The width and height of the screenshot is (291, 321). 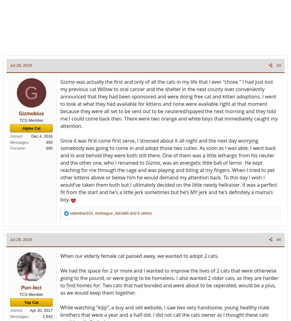 What do you see at coordinates (17, 148) in the screenshot?
I see `'Purraise'` at bounding box center [17, 148].